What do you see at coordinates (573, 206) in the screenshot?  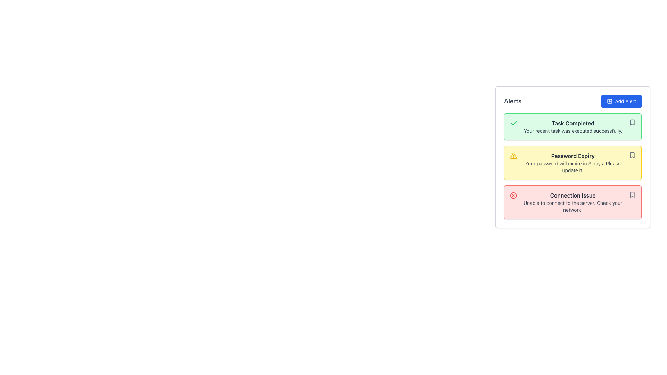 I see `text content of the alert message labeled 'Unable to connect to the server. Check your network.' which is styled in a small font and located within a red alert box at the bottom of the alerts section` at bounding box center [573, 206].